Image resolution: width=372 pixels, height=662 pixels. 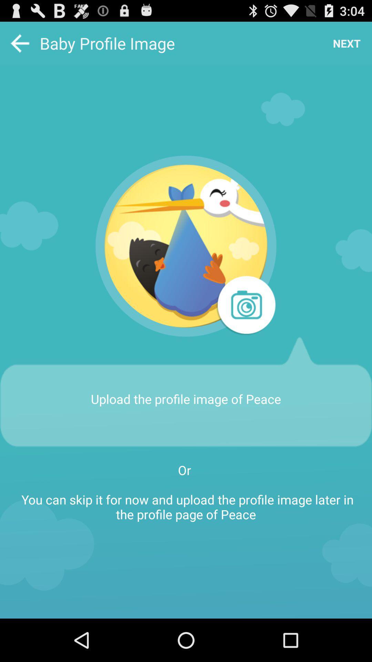 I want to click on profile picture, so click(x=245, y=305).